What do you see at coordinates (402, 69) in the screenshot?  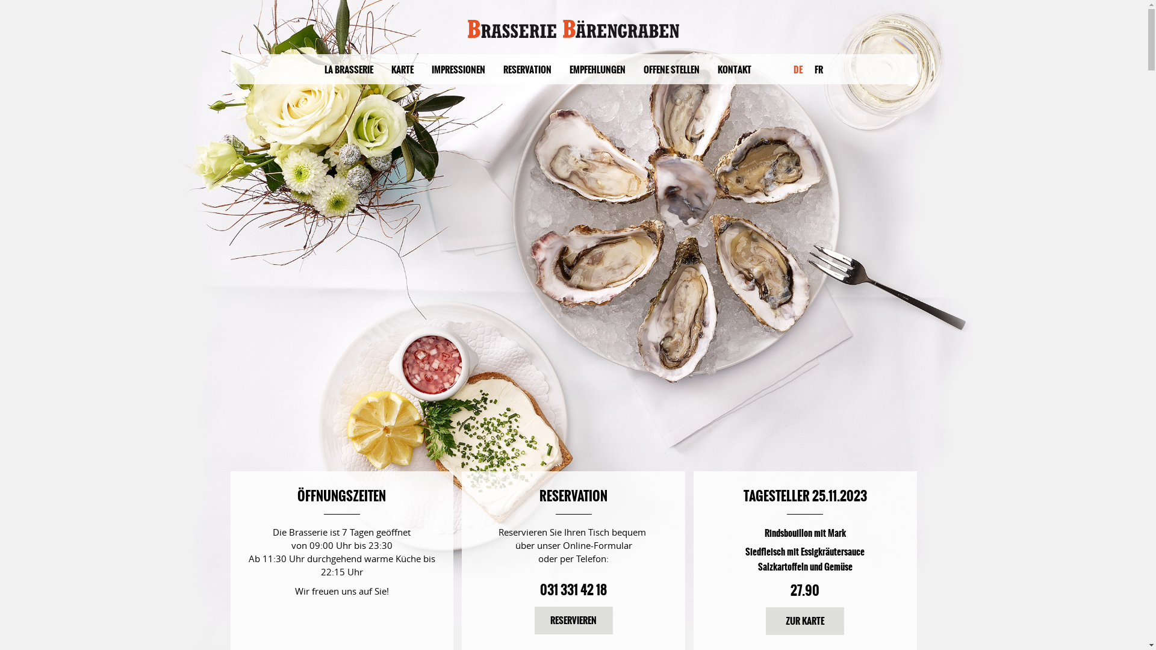 I see `'KARTE'` at bounding box center [402, 69].